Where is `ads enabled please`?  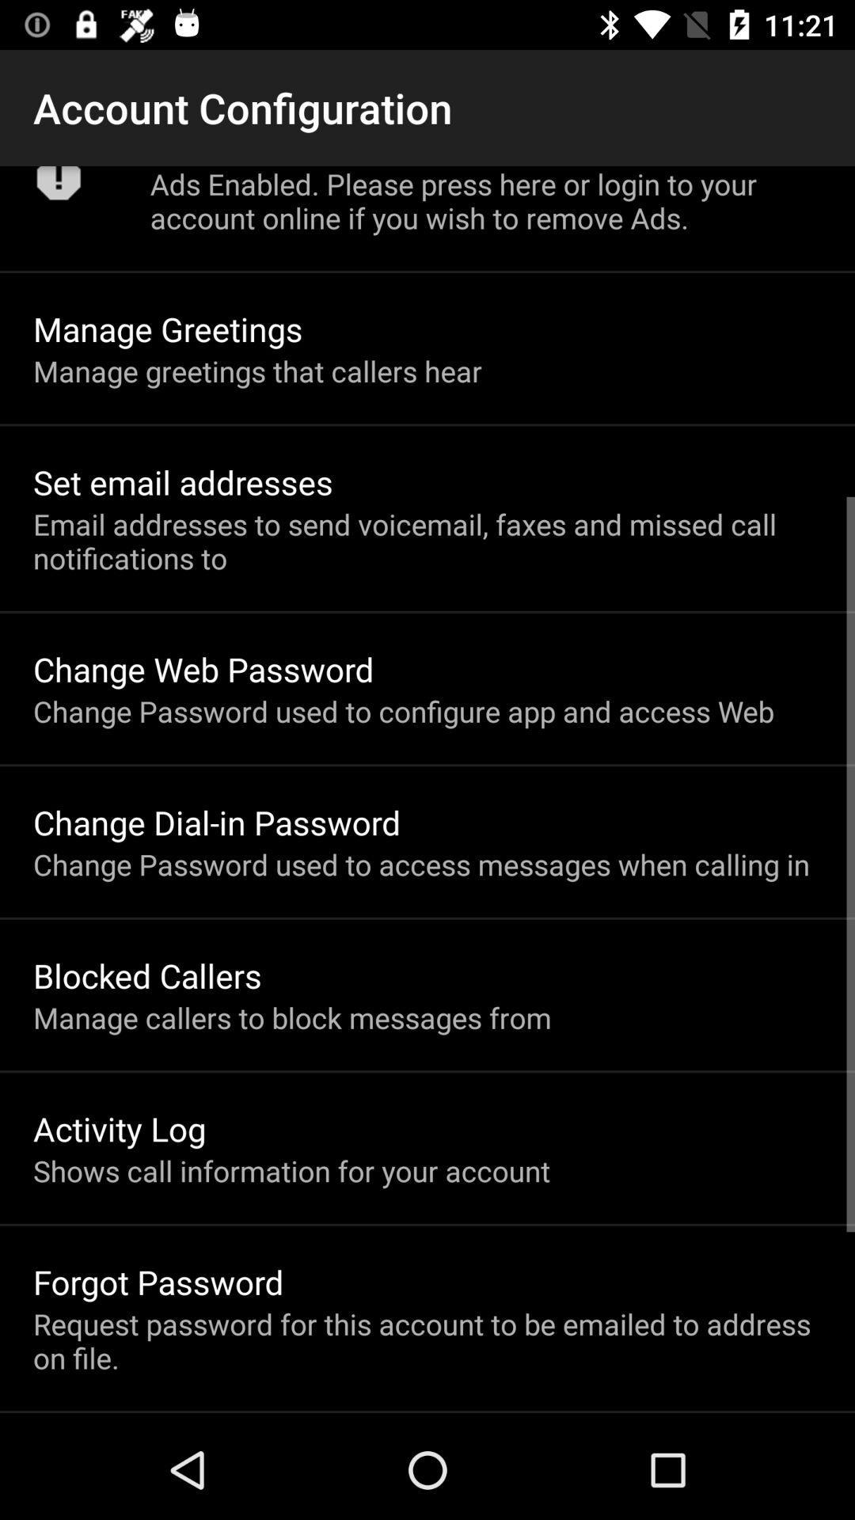
ads enabled please is located at coordinates (484, 200).